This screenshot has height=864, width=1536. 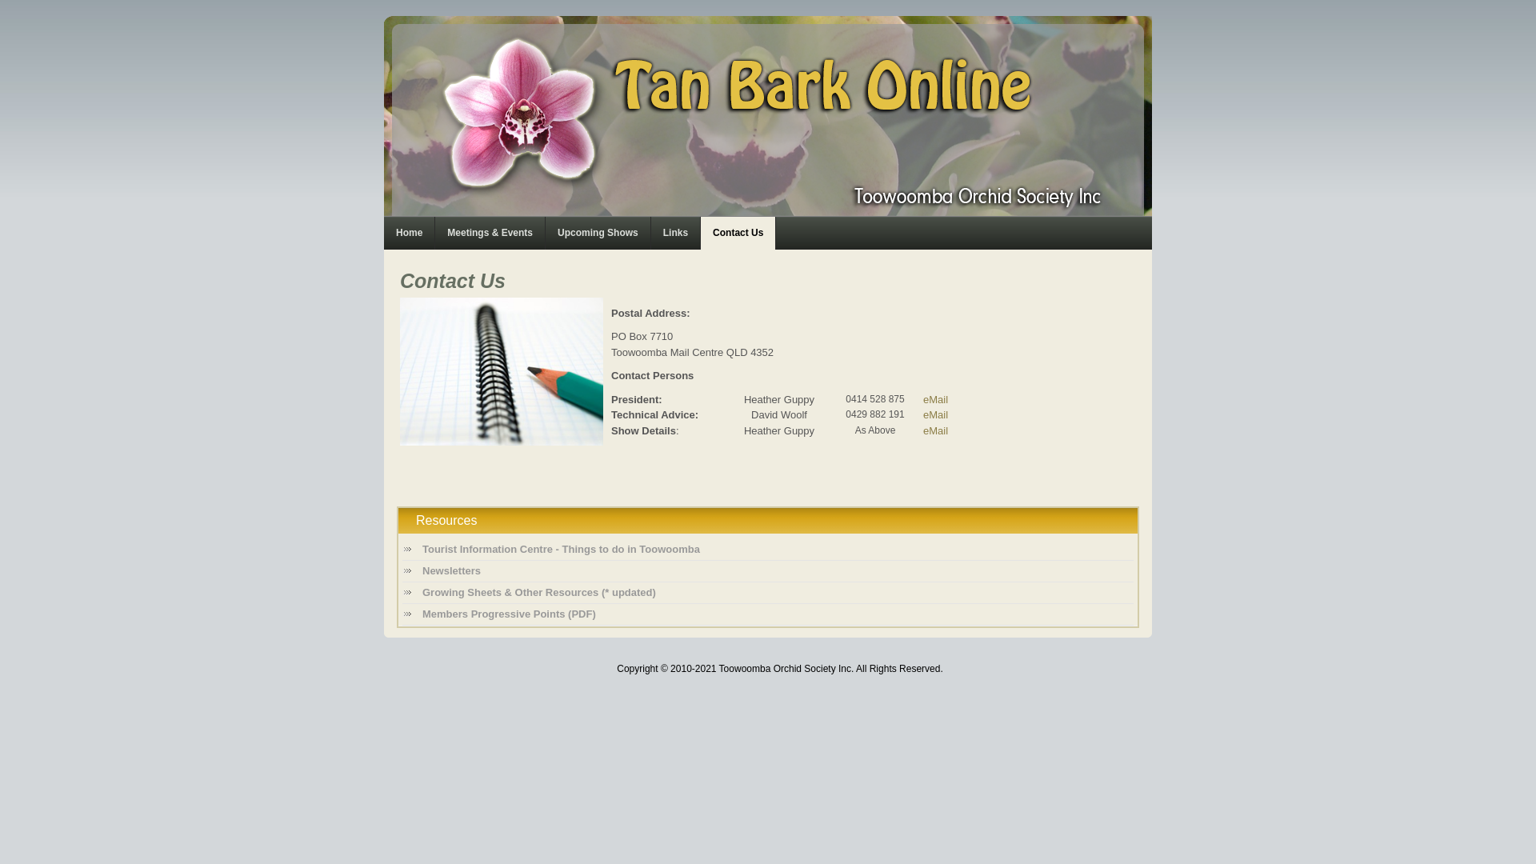 I want to click on 'Home', so click(x=409, y=233).